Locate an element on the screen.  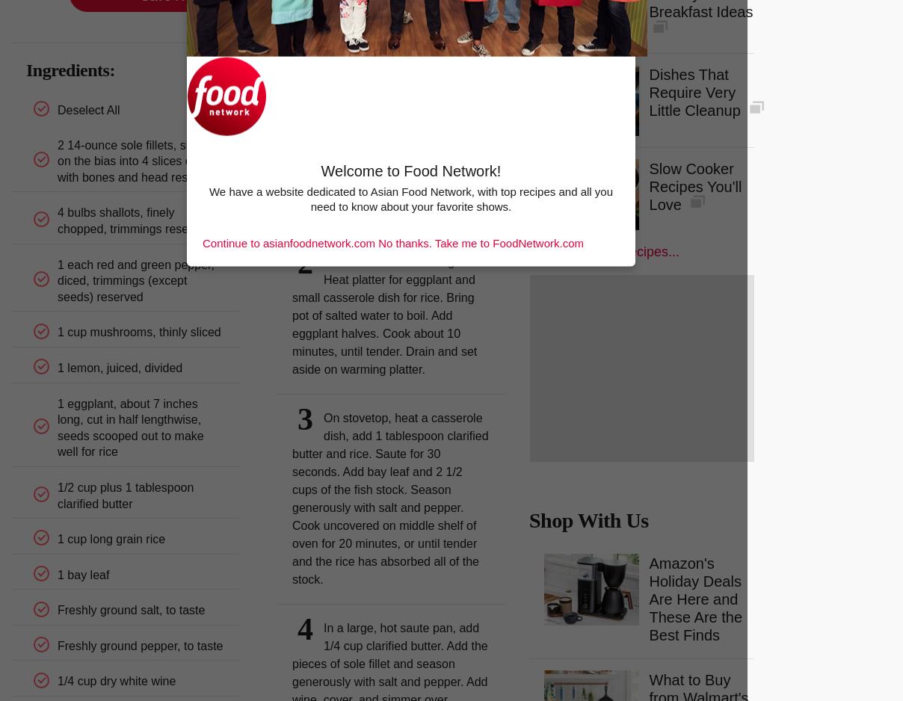
'On stovetop, heat a casserole dish, add 1 tablespoon clarified butter and rice. Saute for 30 seconds. Add bay leaf and 2 1/2 cups of the fish stock. Season generously with salt and pepper. Cook uncovered on middle shelf of oven for 20 minutes, or until tender and the rice has absorbed all of the stock.' is located at coordinates (389, 498).